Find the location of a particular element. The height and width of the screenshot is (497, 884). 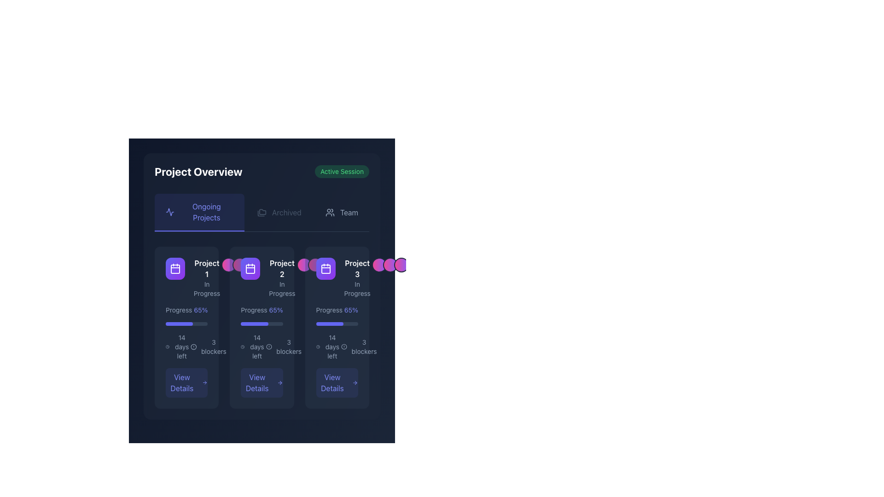

the 'Archived' label located in the upper-middle section of the interface under the 'Project Overview' title is located at coordinates (286, 213).